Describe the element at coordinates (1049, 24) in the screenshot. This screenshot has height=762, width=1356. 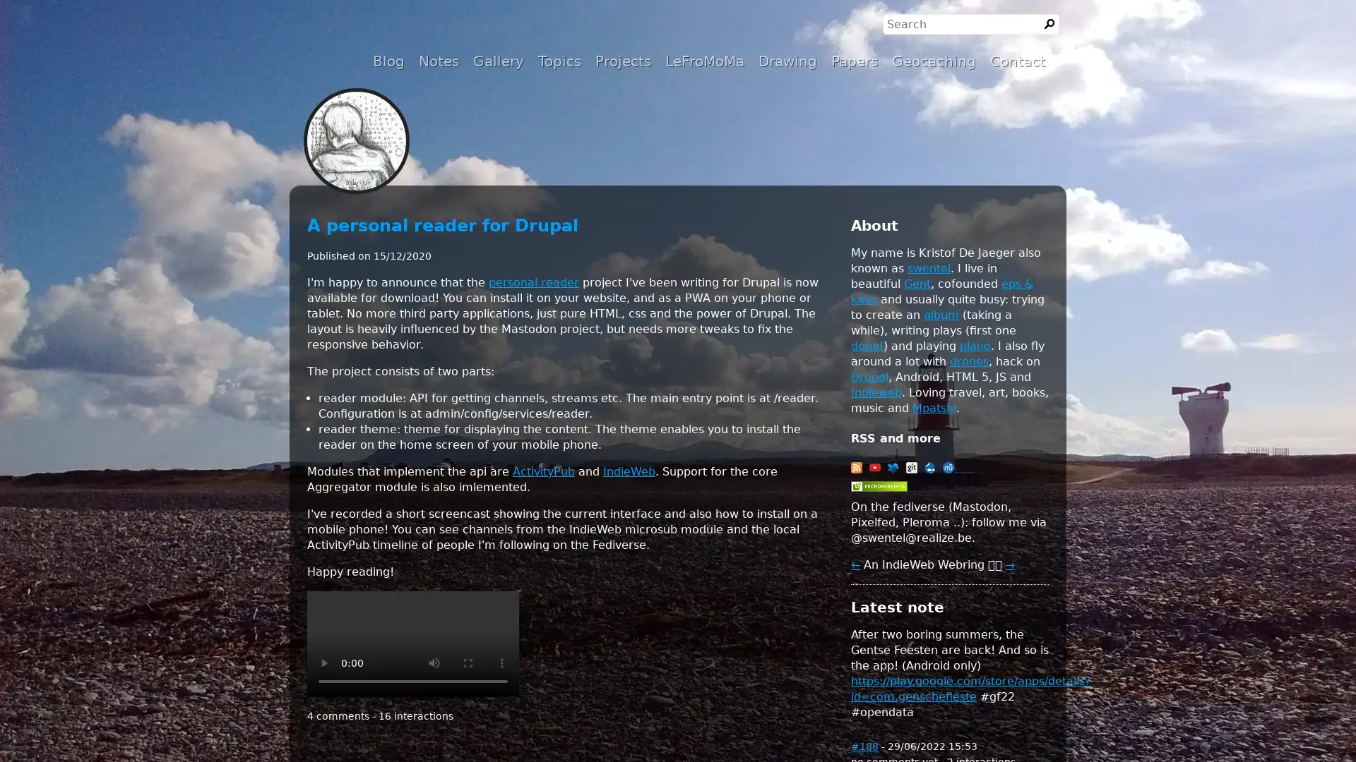
I see `Search` at that location.